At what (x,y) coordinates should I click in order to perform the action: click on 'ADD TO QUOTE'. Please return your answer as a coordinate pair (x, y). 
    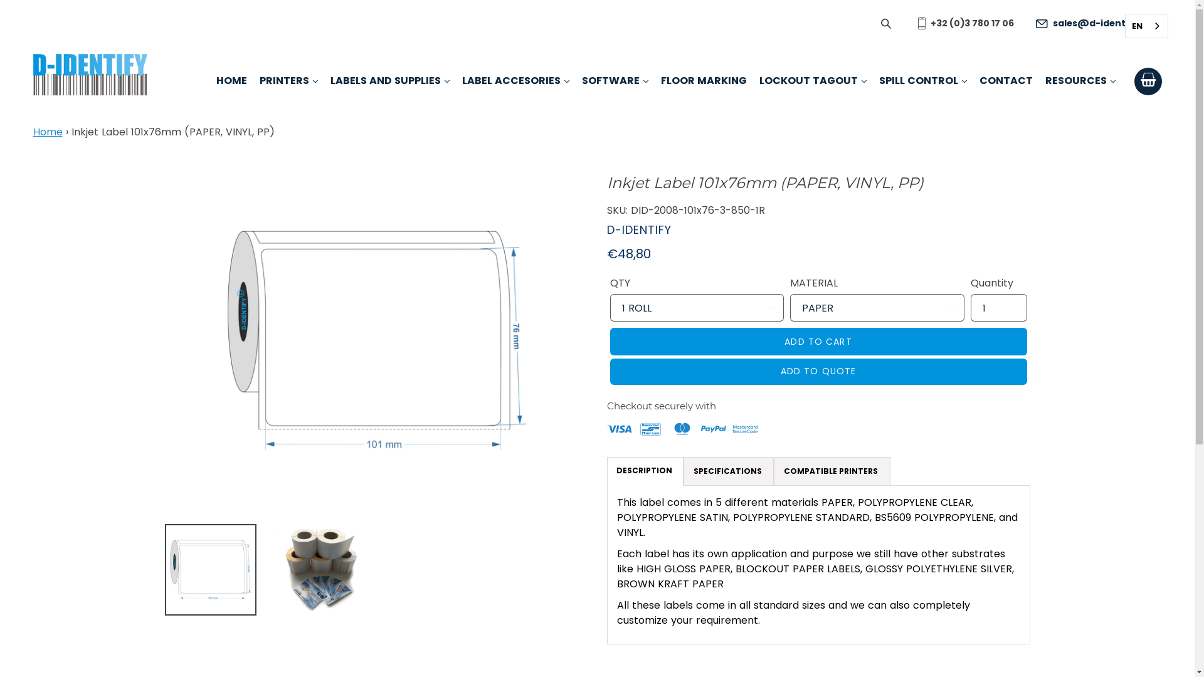
    Looking at the image, I should click on (818, 371).